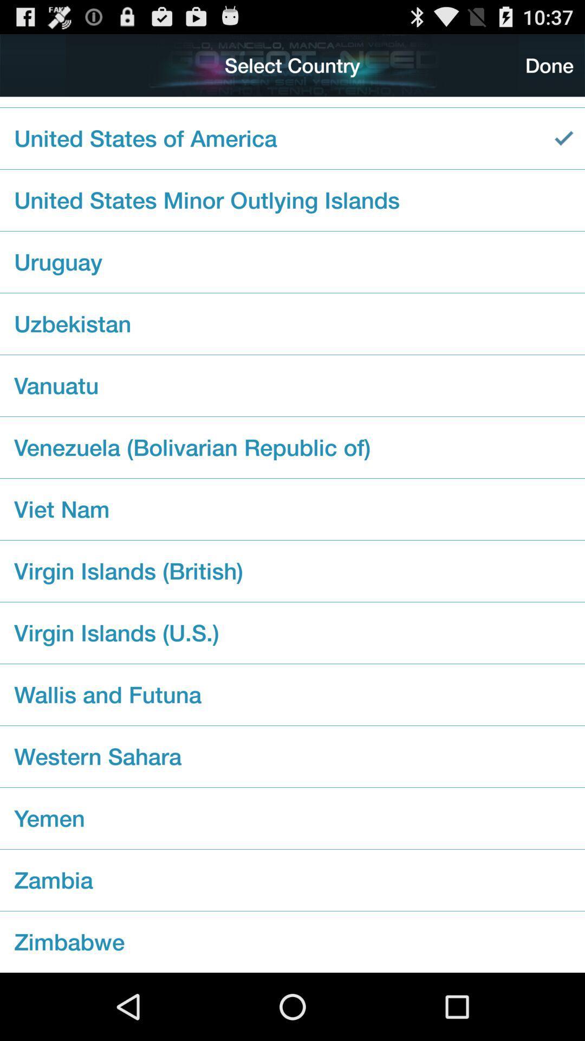 Image resolution: width=585 pixels, height=1041 pixels. What do you see at coordinates (292, 385) in the screenshot?
I see `the checkbox below the uzbekistan item` at bounding box center [292, 385].